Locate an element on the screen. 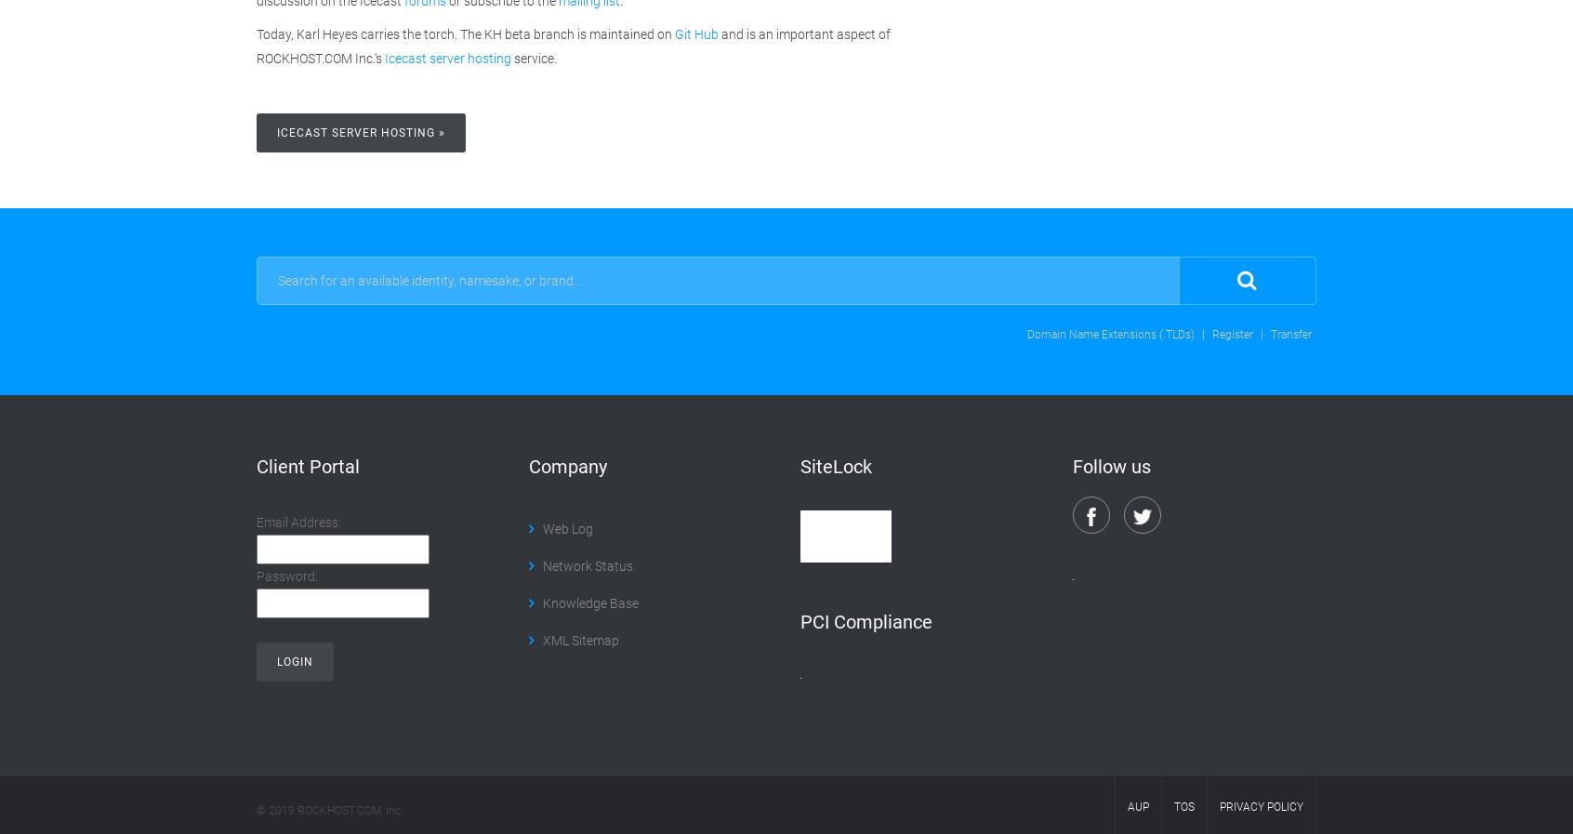 This screenshot has width=1573, height=834. 'Transfer' is located at coordinates (1290, 332).